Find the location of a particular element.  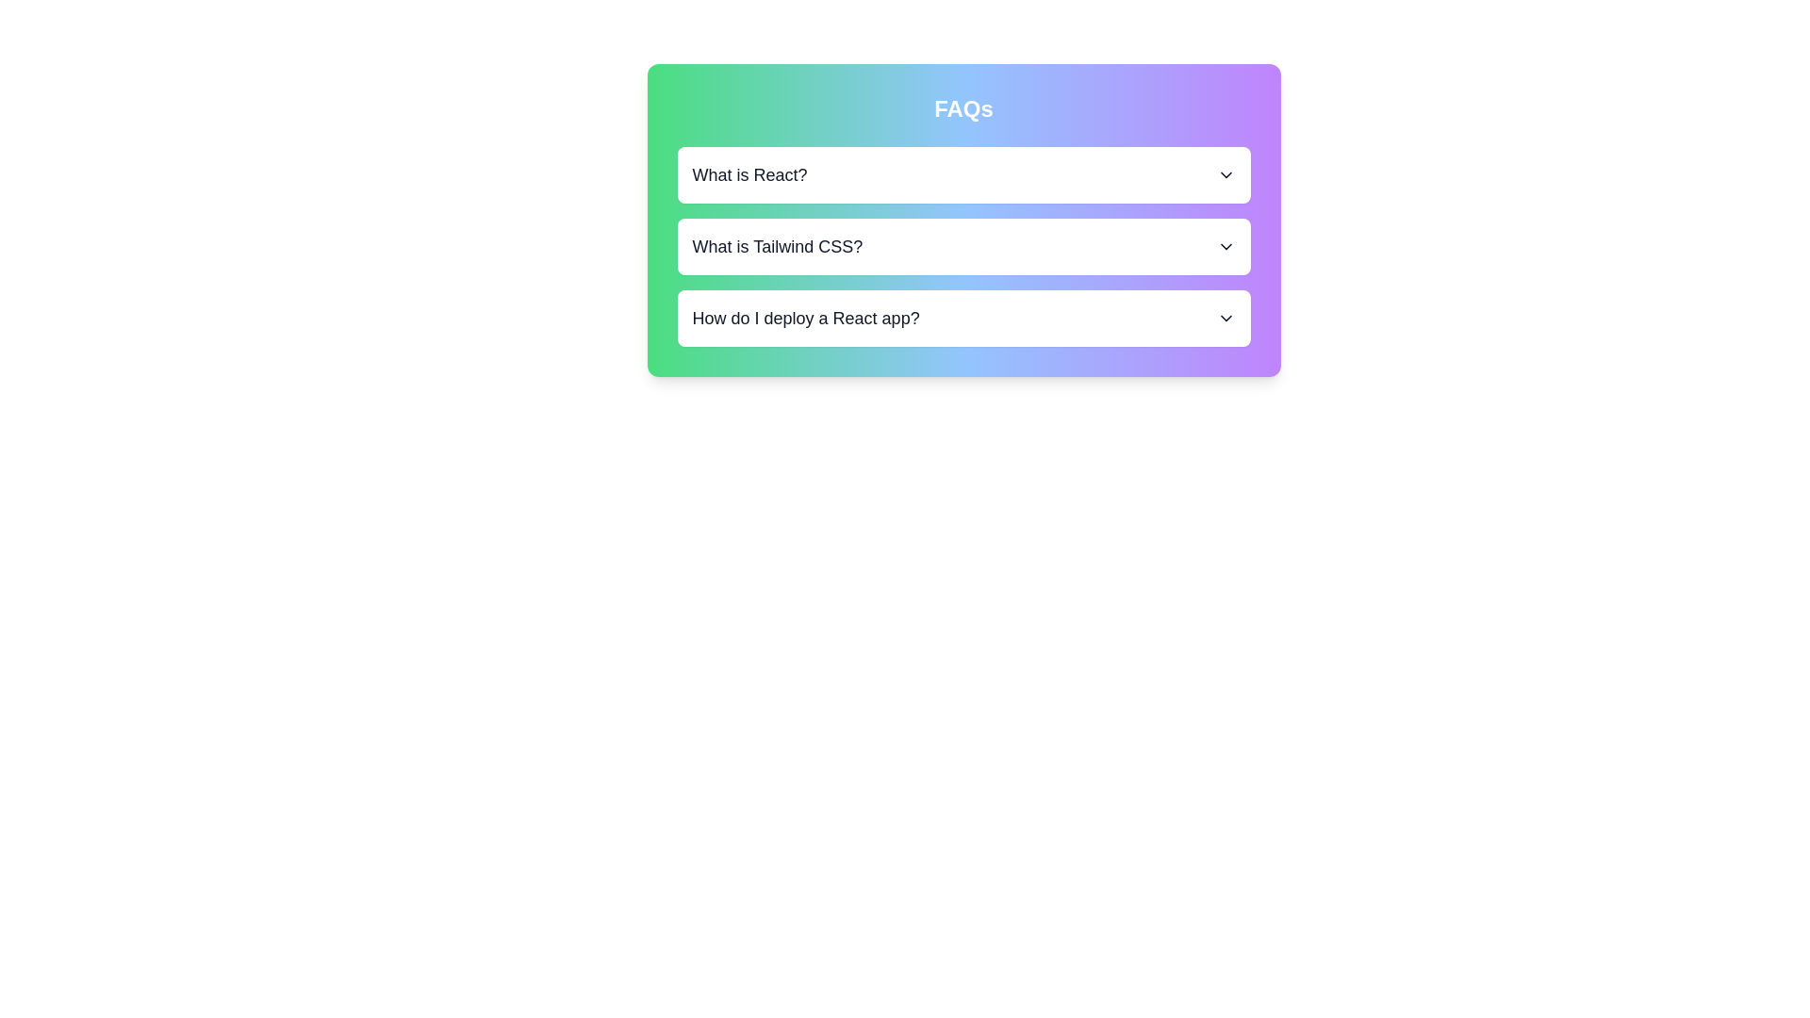

the question header text is located at coordinates (749, 174).